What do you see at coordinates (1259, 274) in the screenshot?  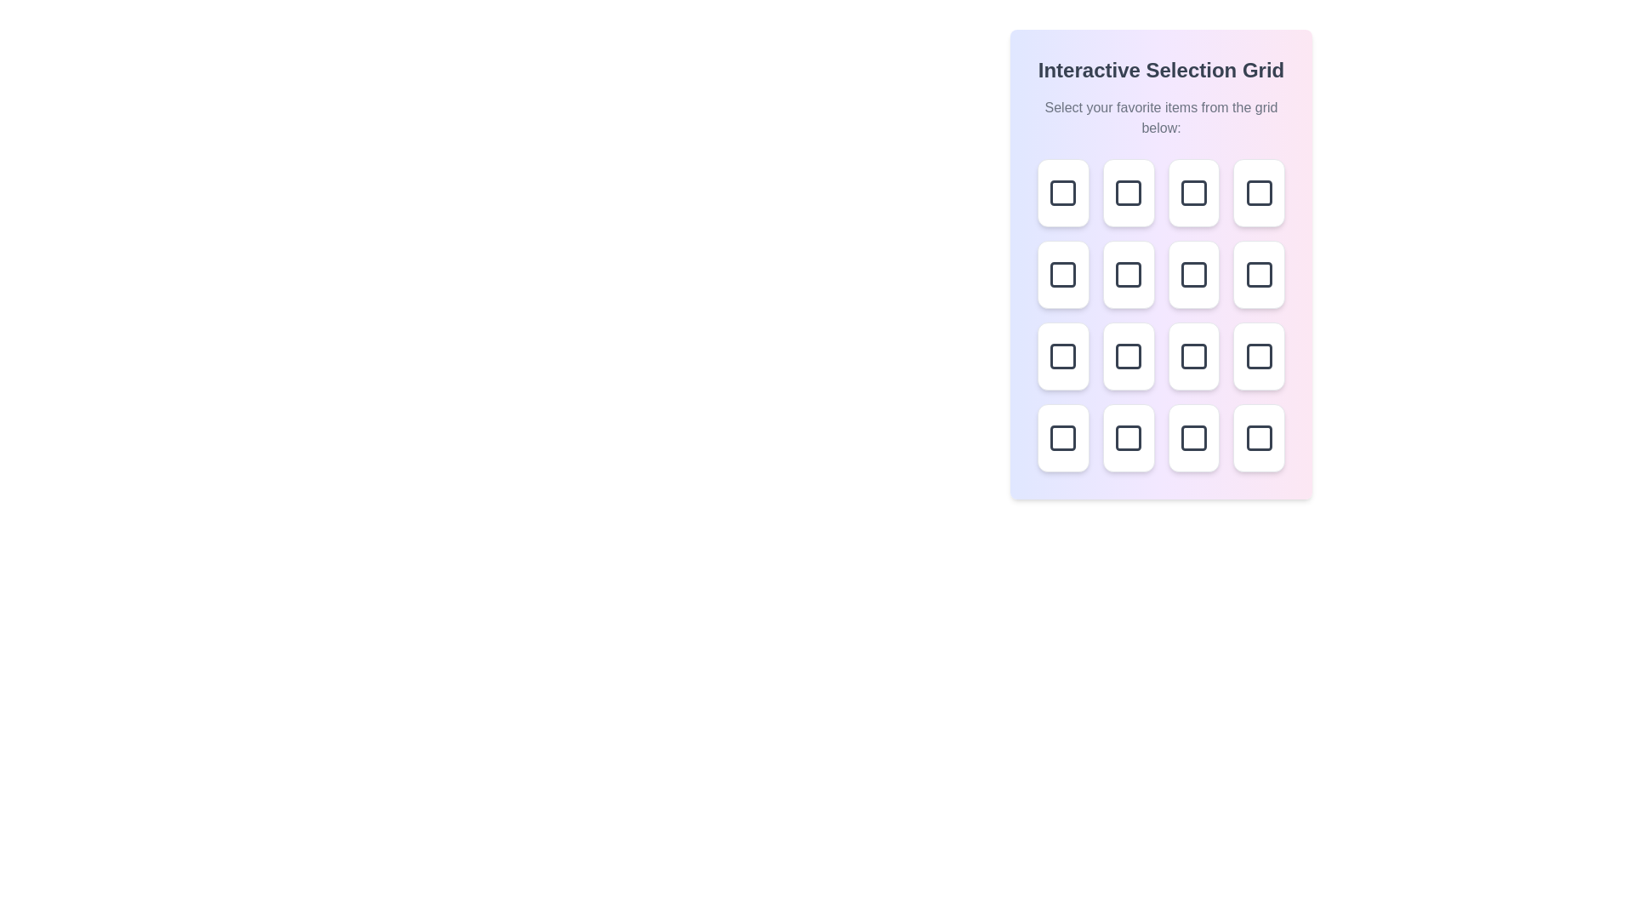 I see `the clickable grid cell located in the third column and third row of a grid layout, which has a square shape with a prominent border and an empty interior` at bounding box center [1259, 274].